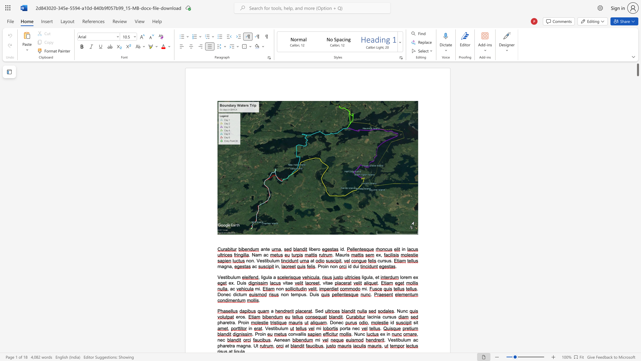  Describe the element at coordinates (283, 328) in the screenshot. I see `the 2th character "u" in the text` at that location.